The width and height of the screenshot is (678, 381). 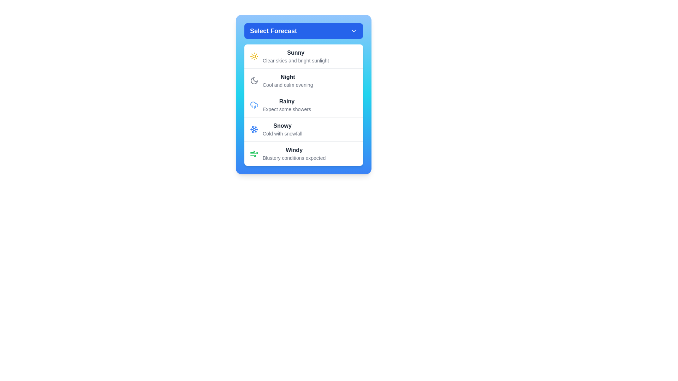 I want to click on descriptive text element located directly below the 'Windy' label in the fifth list item of the forecast dropdown, so click(x=294, y=157).